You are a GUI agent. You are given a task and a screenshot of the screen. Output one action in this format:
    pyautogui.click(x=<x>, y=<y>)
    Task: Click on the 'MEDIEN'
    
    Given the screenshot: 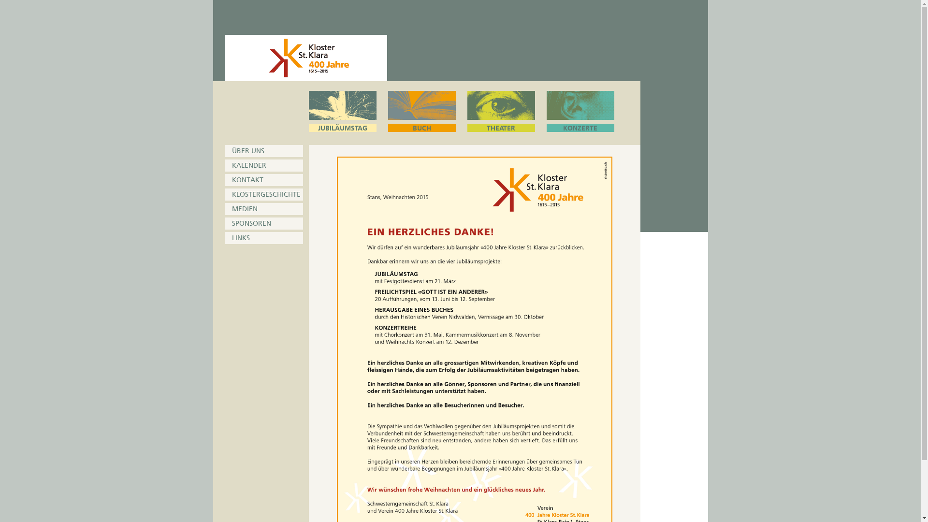 What is the action you would take?
    pyautogui.click(x=263, y=208)
    